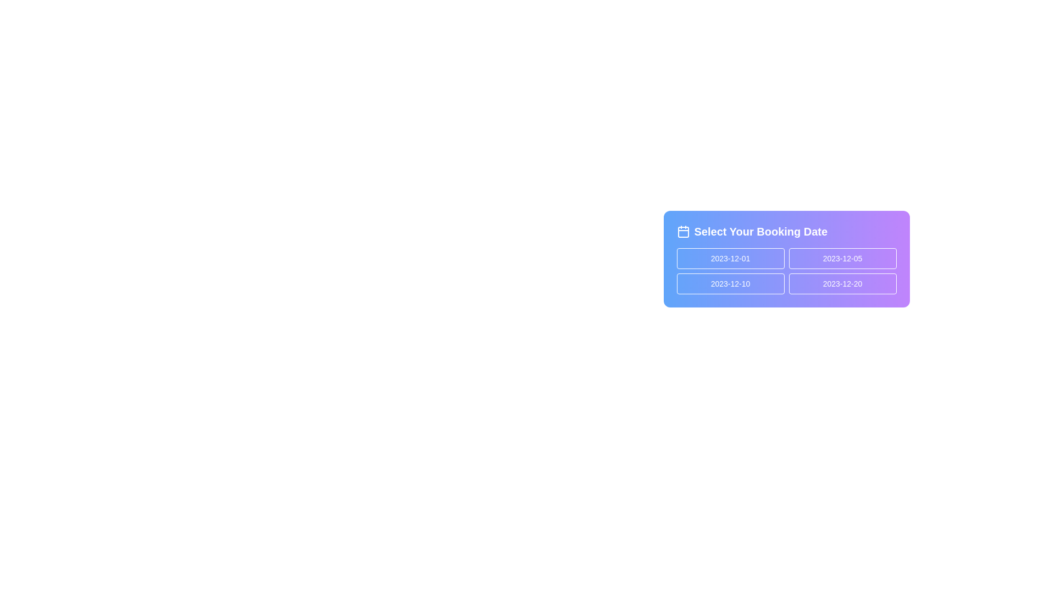  What do you see at coordinates (786, 231) in the screenshot?
I see `the Heading with an Icon element that features a calendar symbol and the text 'Select Your Booking Date', located within the uppermost component of a vertical card with a gradient background` at bounding box center [786, 231].